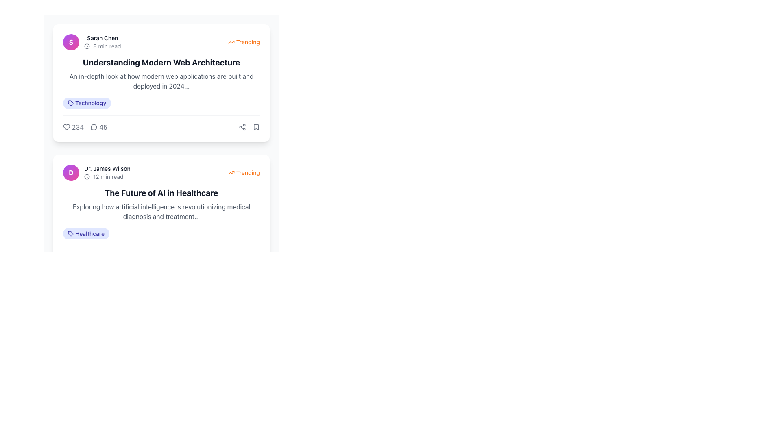 This screenshot has height=439, width=781. Describe the element at coordinates (103, 127) in the screenshot. I see `the static text element displaying the number '45' located to the right of the speech bubble icon in the engagement metrics section of the 'Understanding Modern Web Architecture' card` at that location.